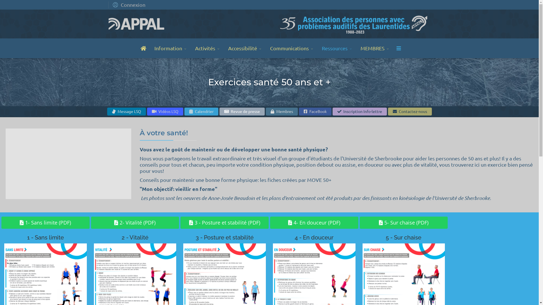  Describe the element at coordinates (403, 222) in the screenshot. I see `'5- Sur chaise (PDF)'` at that location.